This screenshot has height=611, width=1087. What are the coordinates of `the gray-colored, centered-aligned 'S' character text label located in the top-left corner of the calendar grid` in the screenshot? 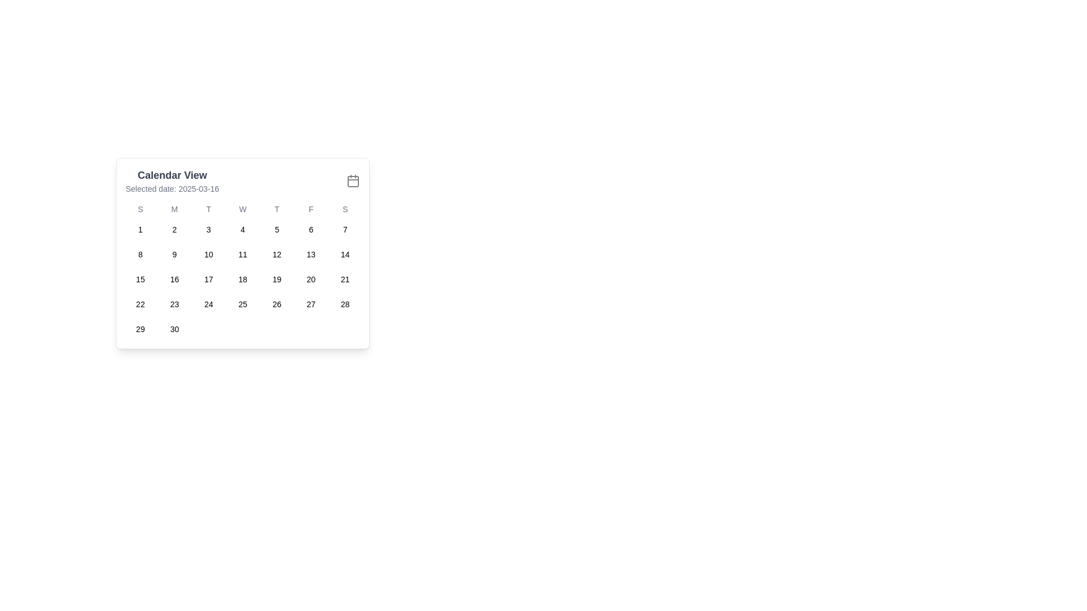 It's located at (140, 209).